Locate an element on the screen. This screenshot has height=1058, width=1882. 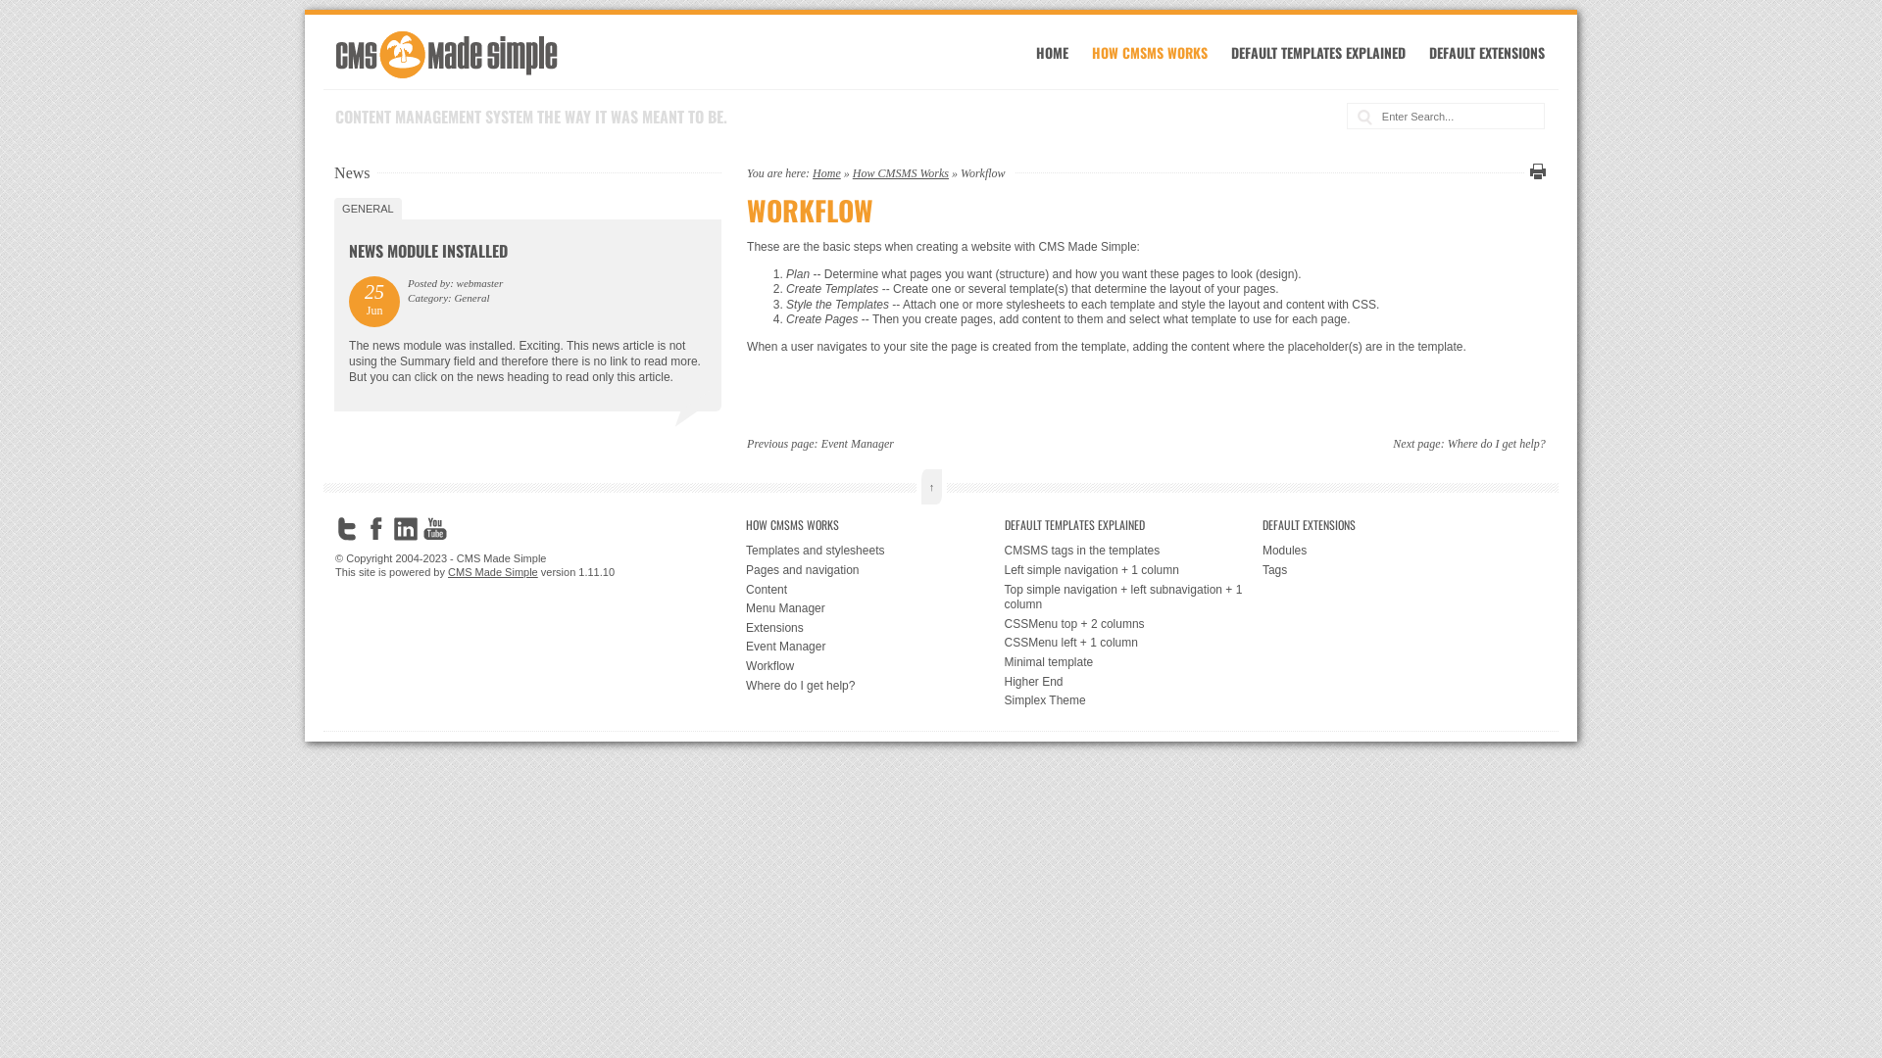
'DEFAULT TEMPLATES EXPLAINED' is located at coordinates (1317, 51).